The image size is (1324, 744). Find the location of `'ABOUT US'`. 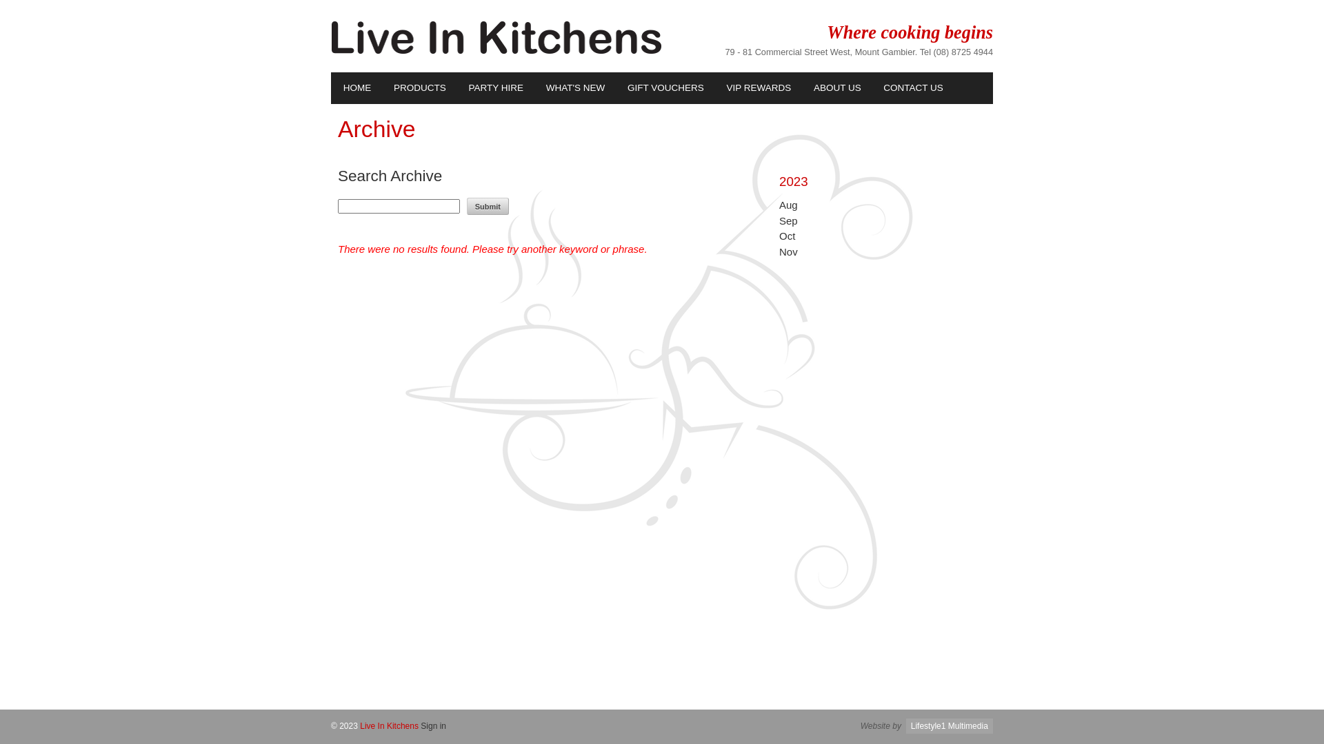

'ABOUT US' is located at coordinates (835, 88).